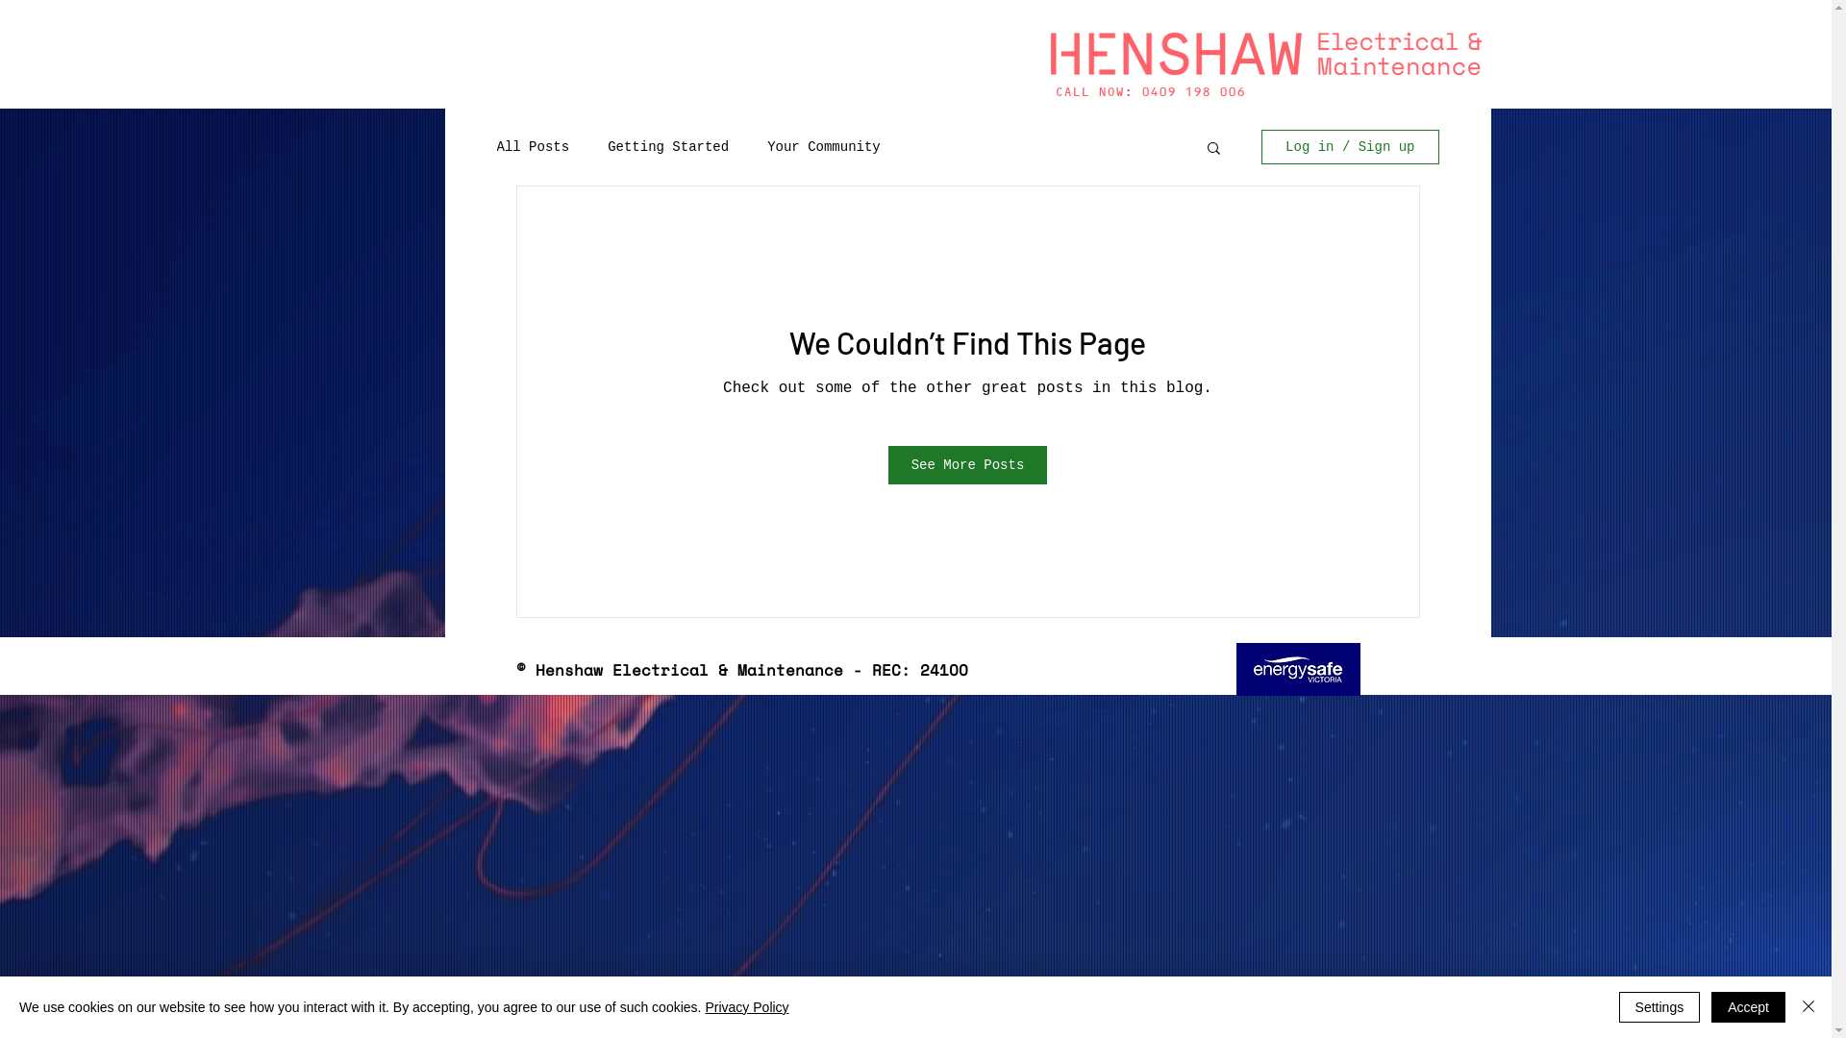 This screenshot has height=1038, width=1846. What do you see at coordinates (1748, 1006) in the screenshot?
I see `'Accept'` at bounding box center [1748, 1006].